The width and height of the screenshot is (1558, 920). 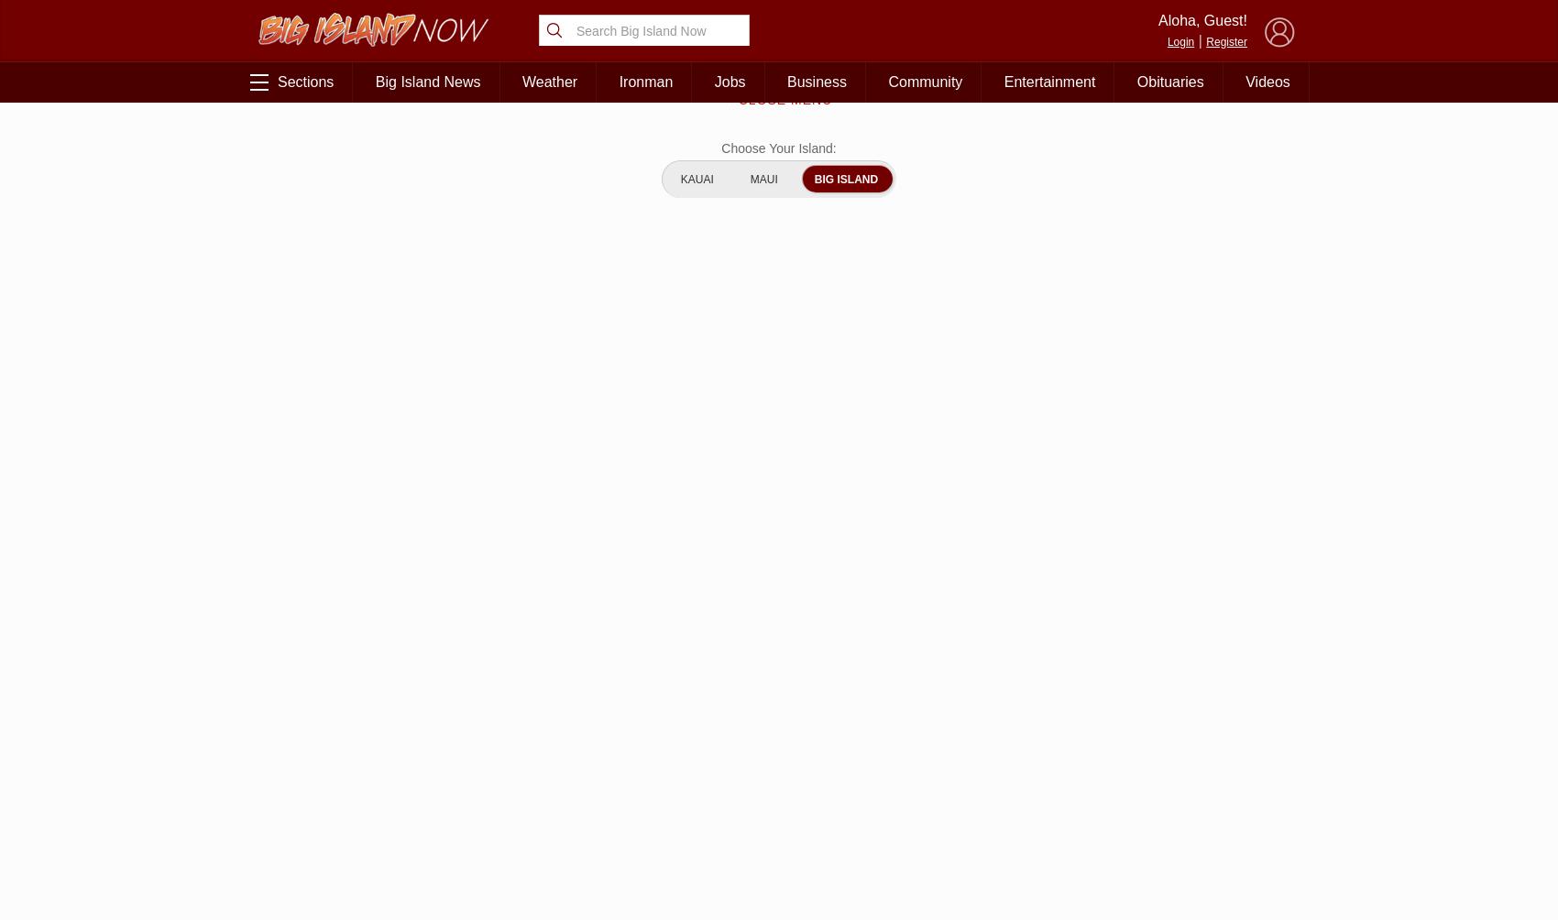 What do you see at coordinates (1087, 597) in the screenshot?
I see `'UPCOMING FEATURED EVENTS:'` at bounding box center [1087, 597].